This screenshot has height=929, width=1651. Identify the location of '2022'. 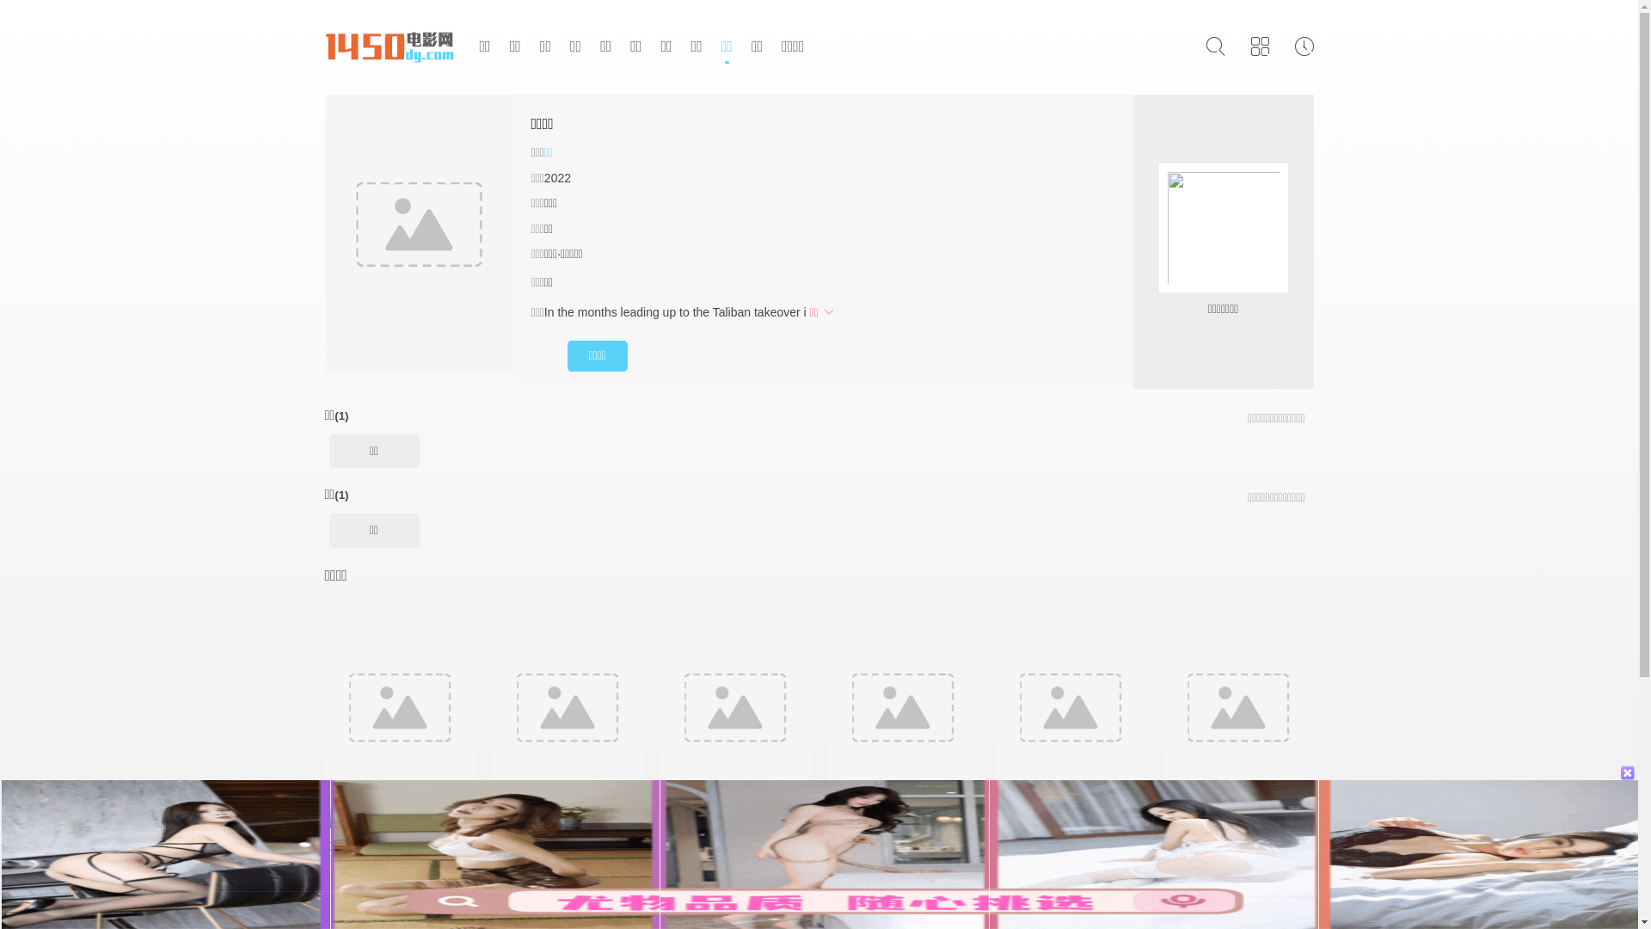
(557, 178).